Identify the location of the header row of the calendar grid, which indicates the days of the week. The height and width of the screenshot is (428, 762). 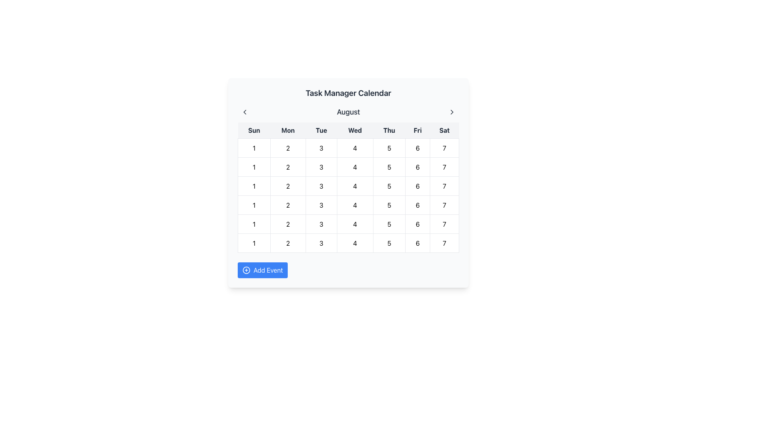
(348, 130).